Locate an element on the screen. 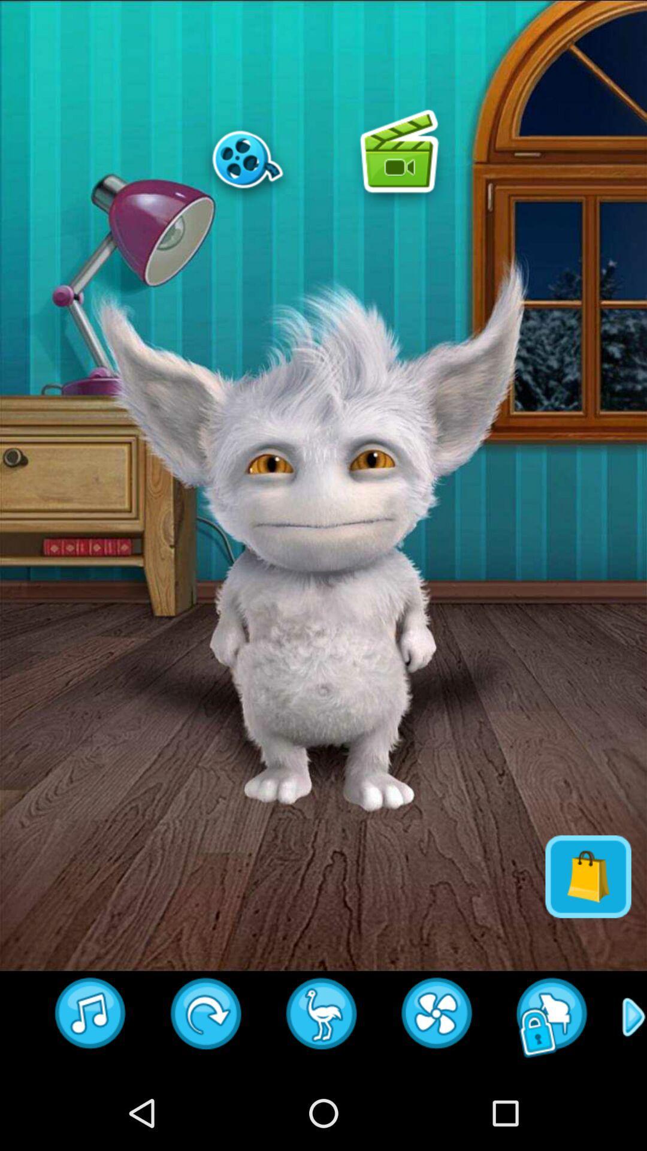 The height and width of the screenshot is (1151, 647). emoji is located at coordinates (90, 1017).